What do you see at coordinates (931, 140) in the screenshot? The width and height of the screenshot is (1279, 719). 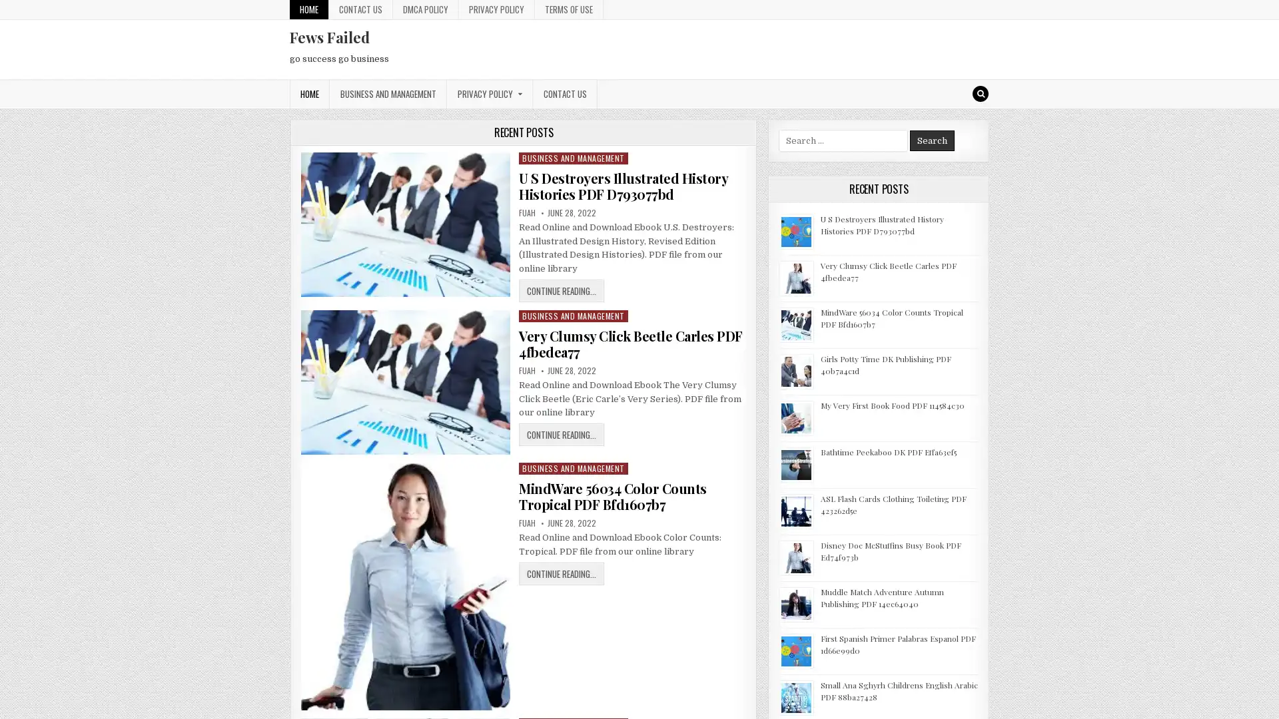 I see `Search` at bounding box center [931, 140].